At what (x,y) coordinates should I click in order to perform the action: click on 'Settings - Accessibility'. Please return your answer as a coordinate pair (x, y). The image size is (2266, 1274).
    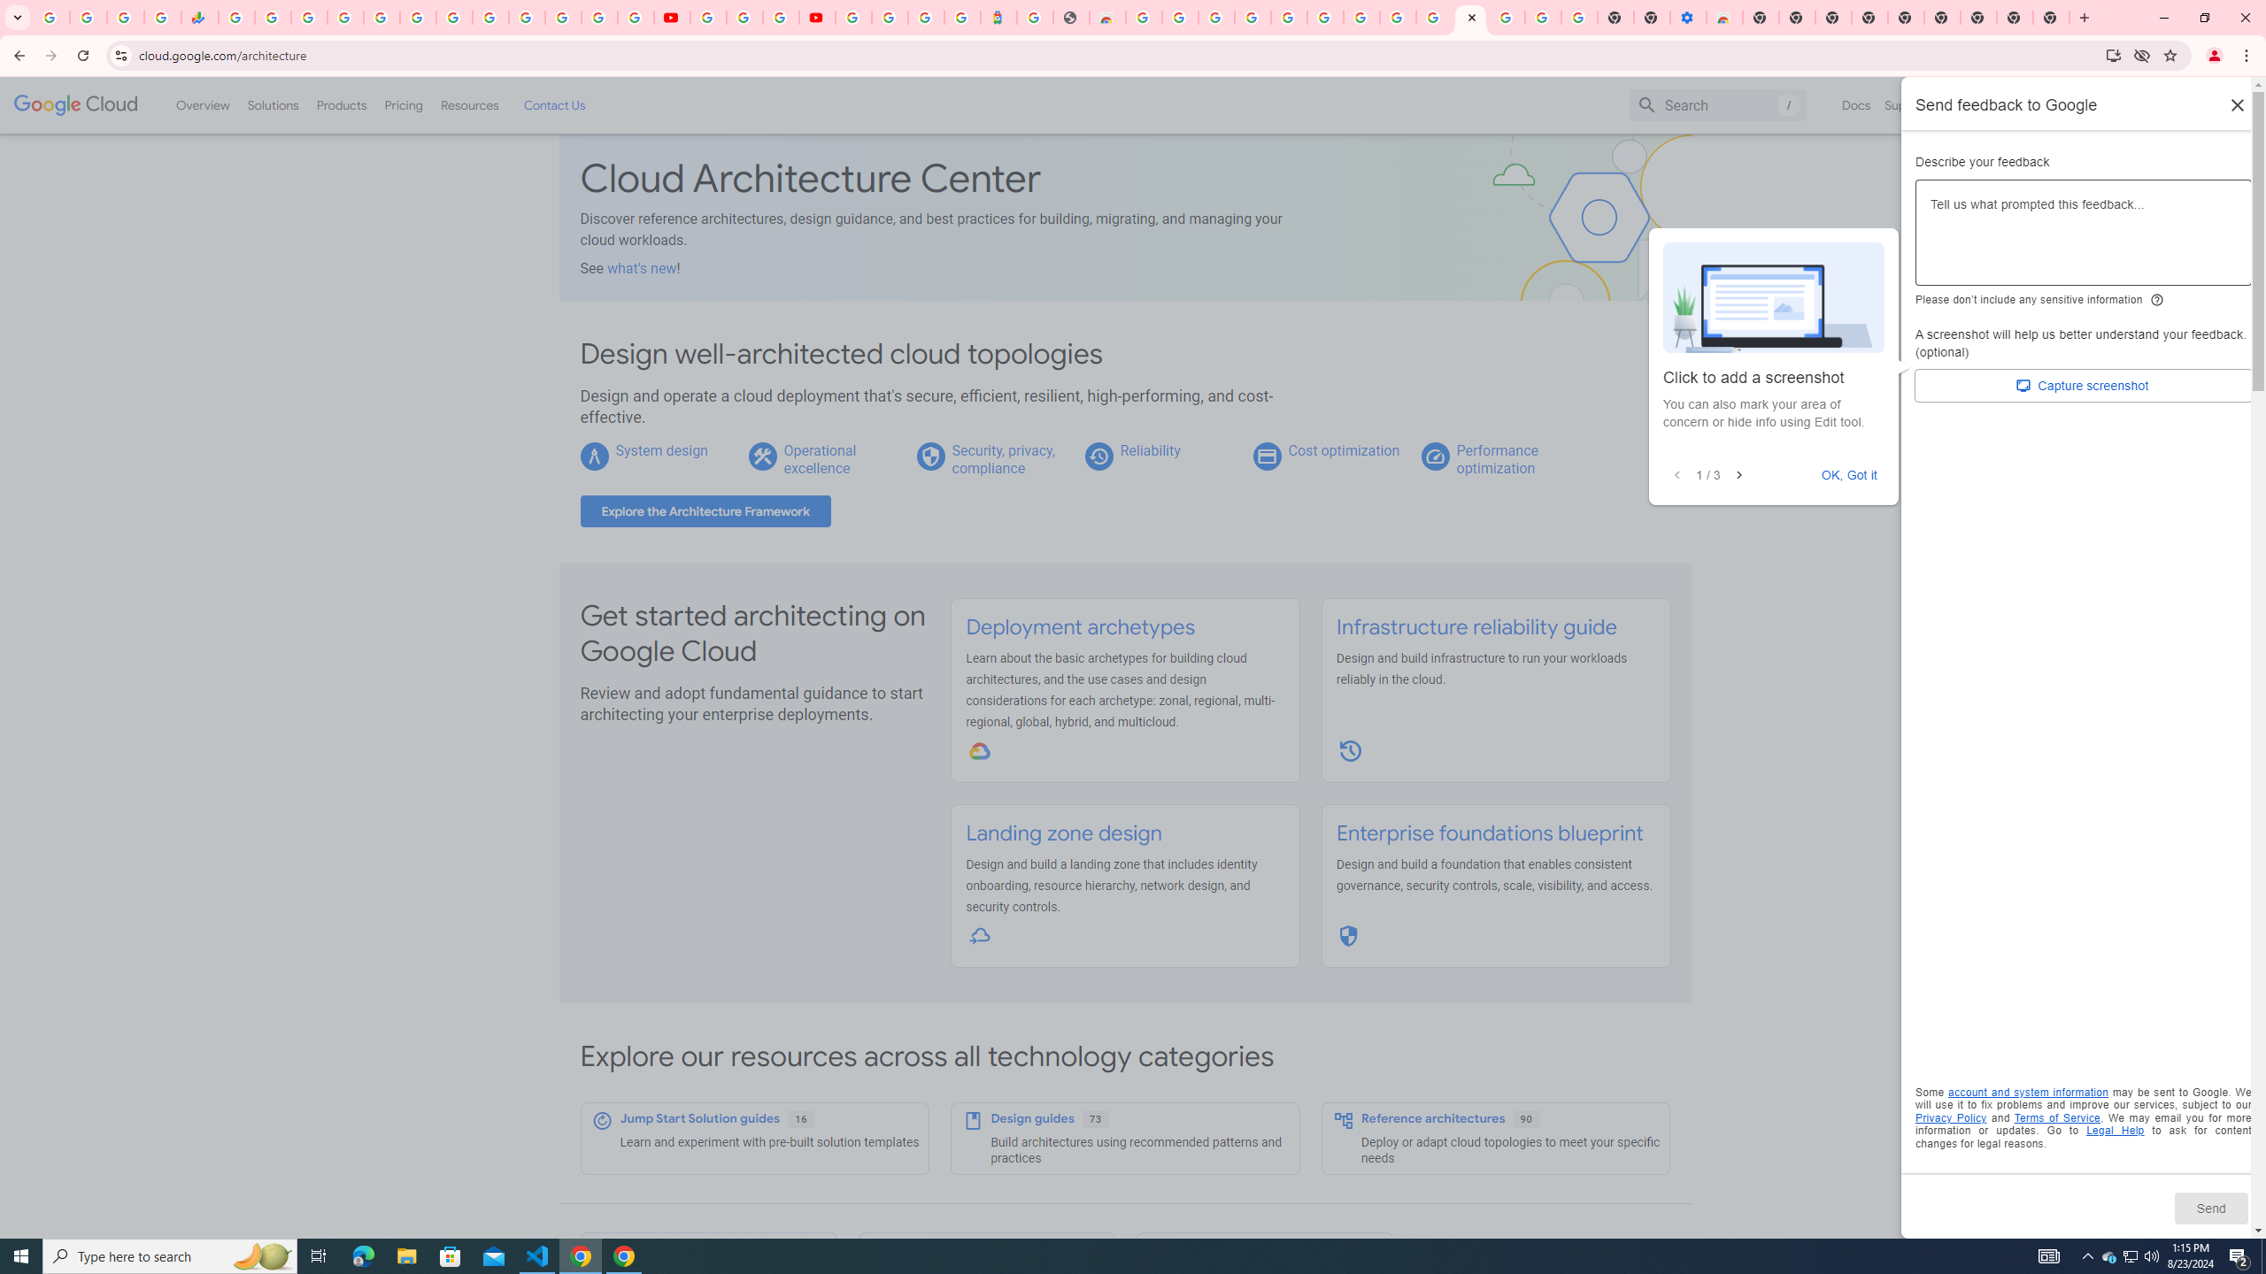
    Looking at the image, I should click on (1688, 17).